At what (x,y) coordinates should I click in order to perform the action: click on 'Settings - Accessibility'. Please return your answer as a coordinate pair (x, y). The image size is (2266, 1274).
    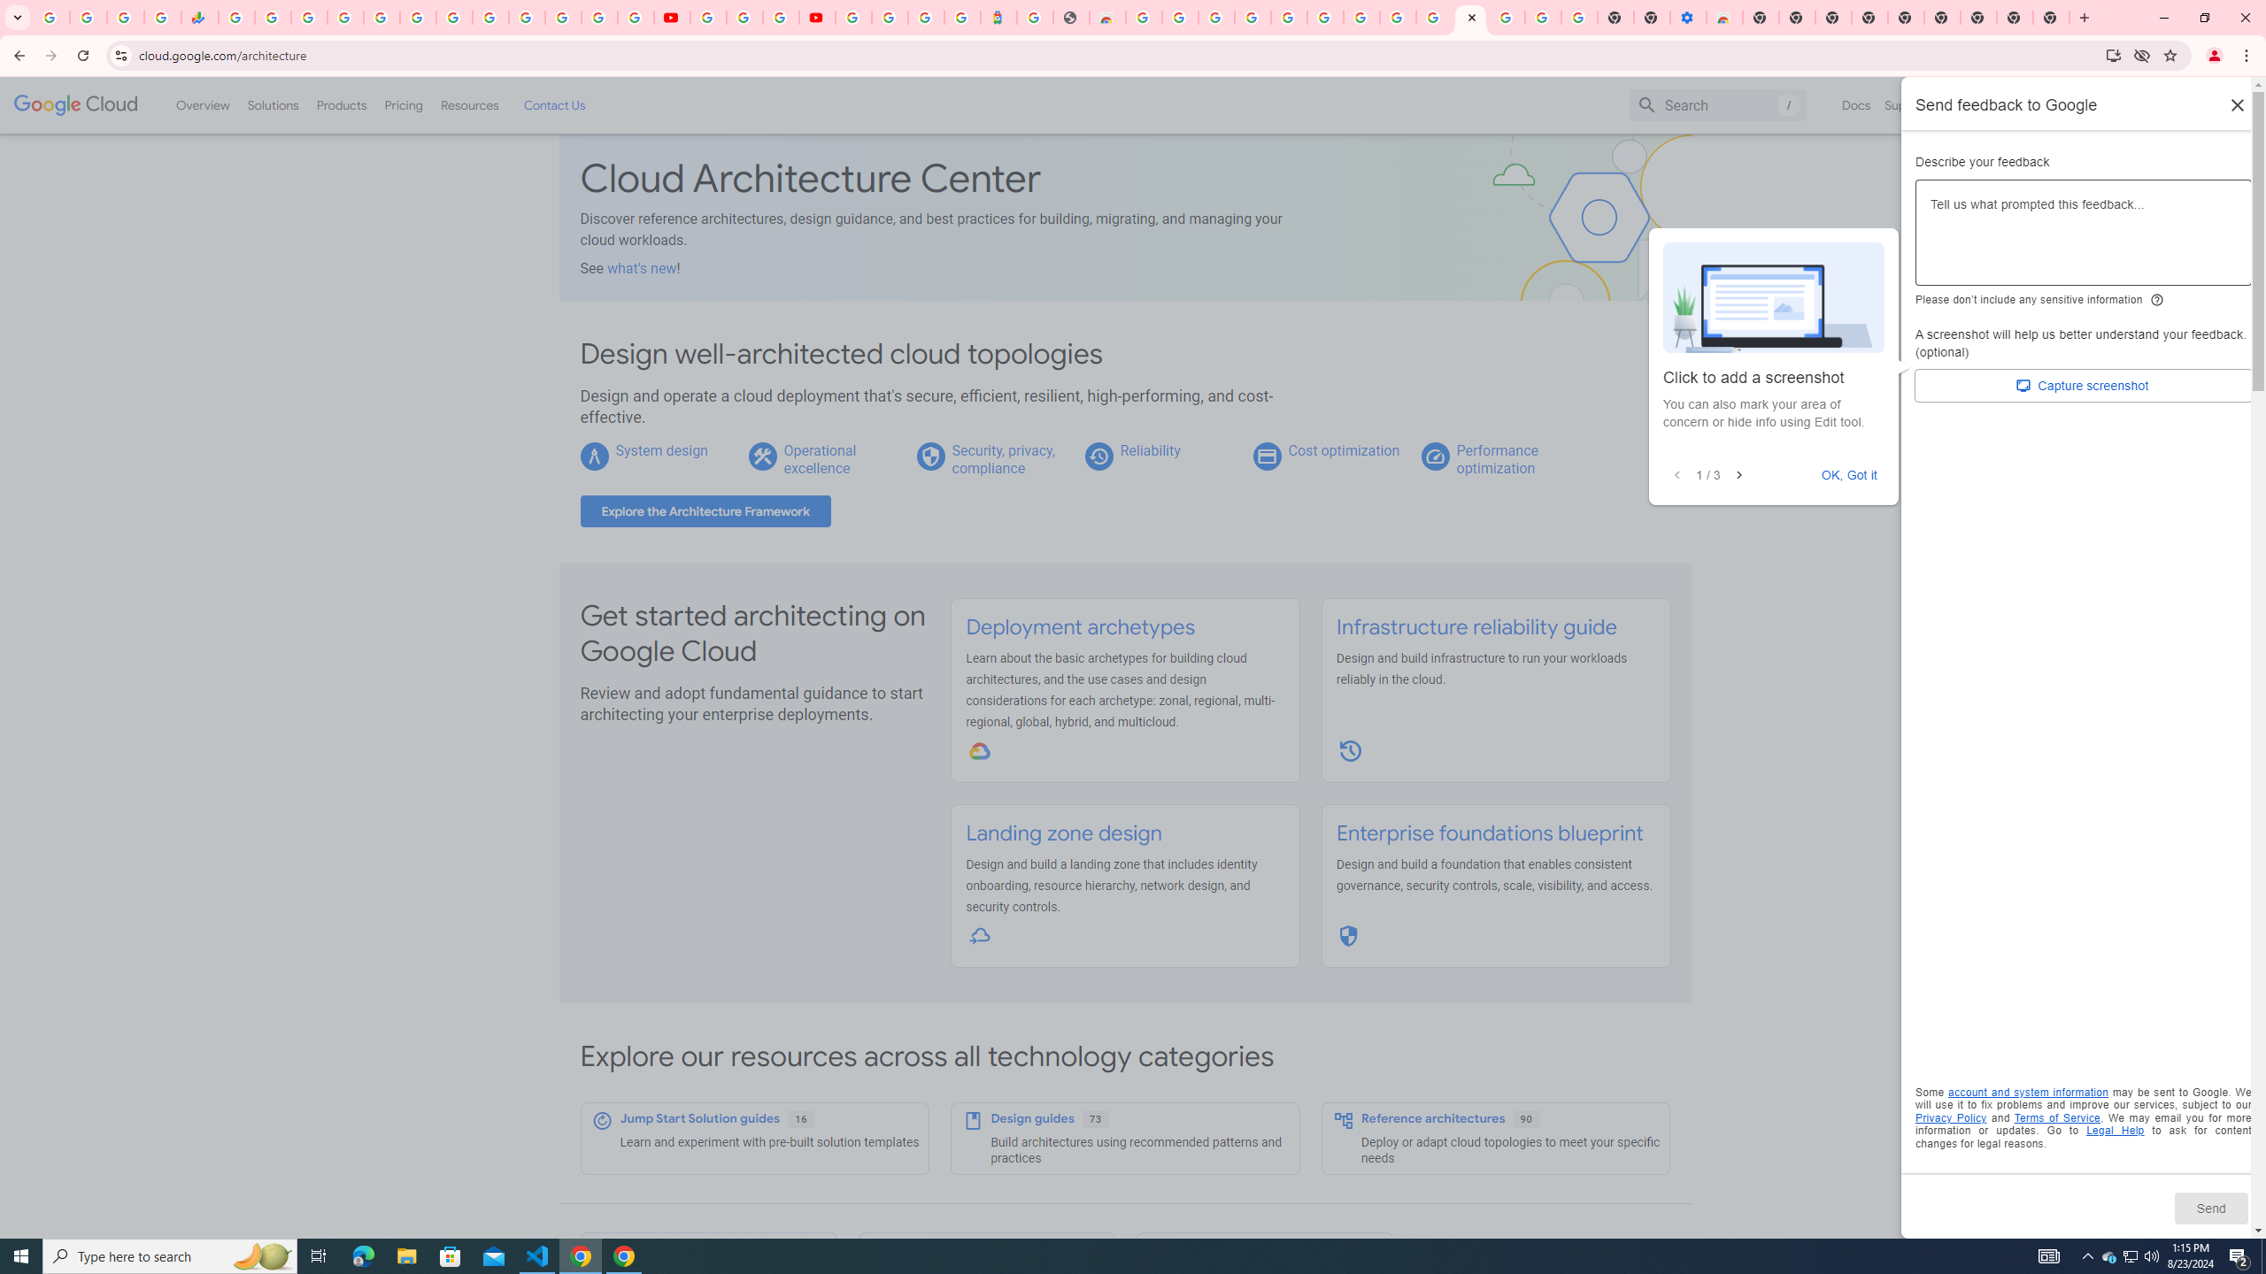
    Looking at the image, I should click on (1688, 17).